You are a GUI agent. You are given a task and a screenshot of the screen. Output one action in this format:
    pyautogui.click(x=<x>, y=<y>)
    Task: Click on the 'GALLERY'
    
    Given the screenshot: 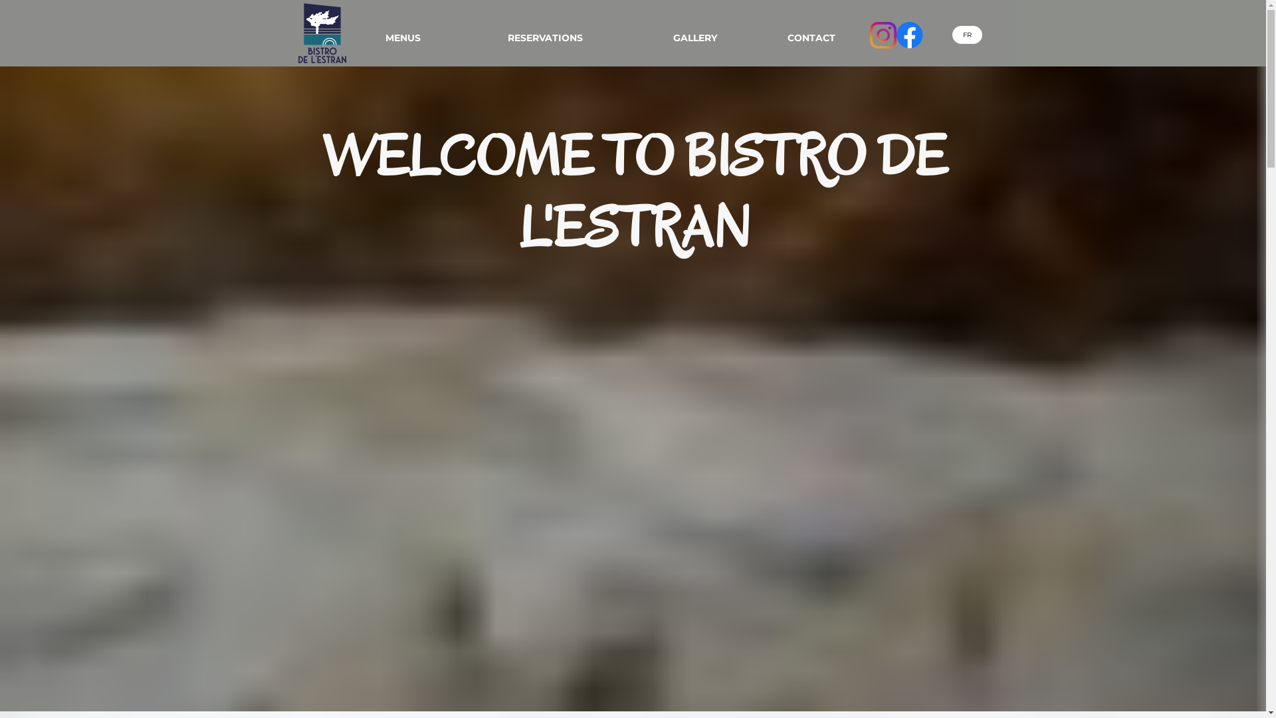 What is the action you would take?
    pyautogui.click(x=694, y=37)
    